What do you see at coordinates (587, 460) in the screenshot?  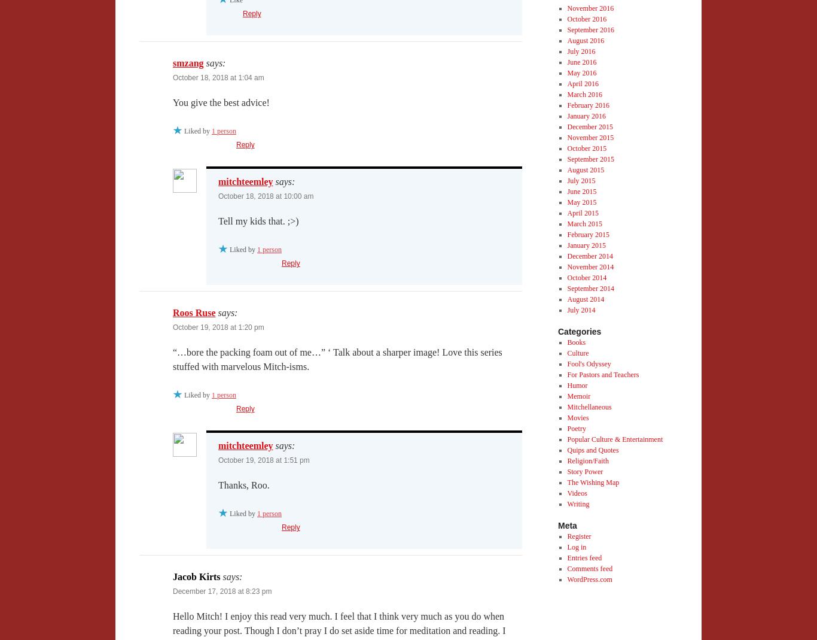 I see `'Religion/Faith'` at bounding box center [587, 460].